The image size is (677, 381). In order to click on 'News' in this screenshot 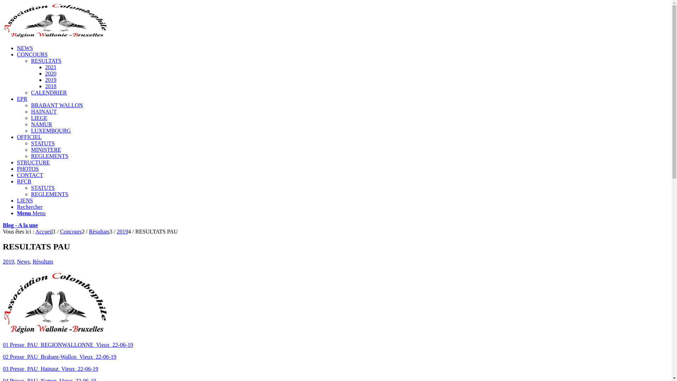, I will do `click(23, 261)`.